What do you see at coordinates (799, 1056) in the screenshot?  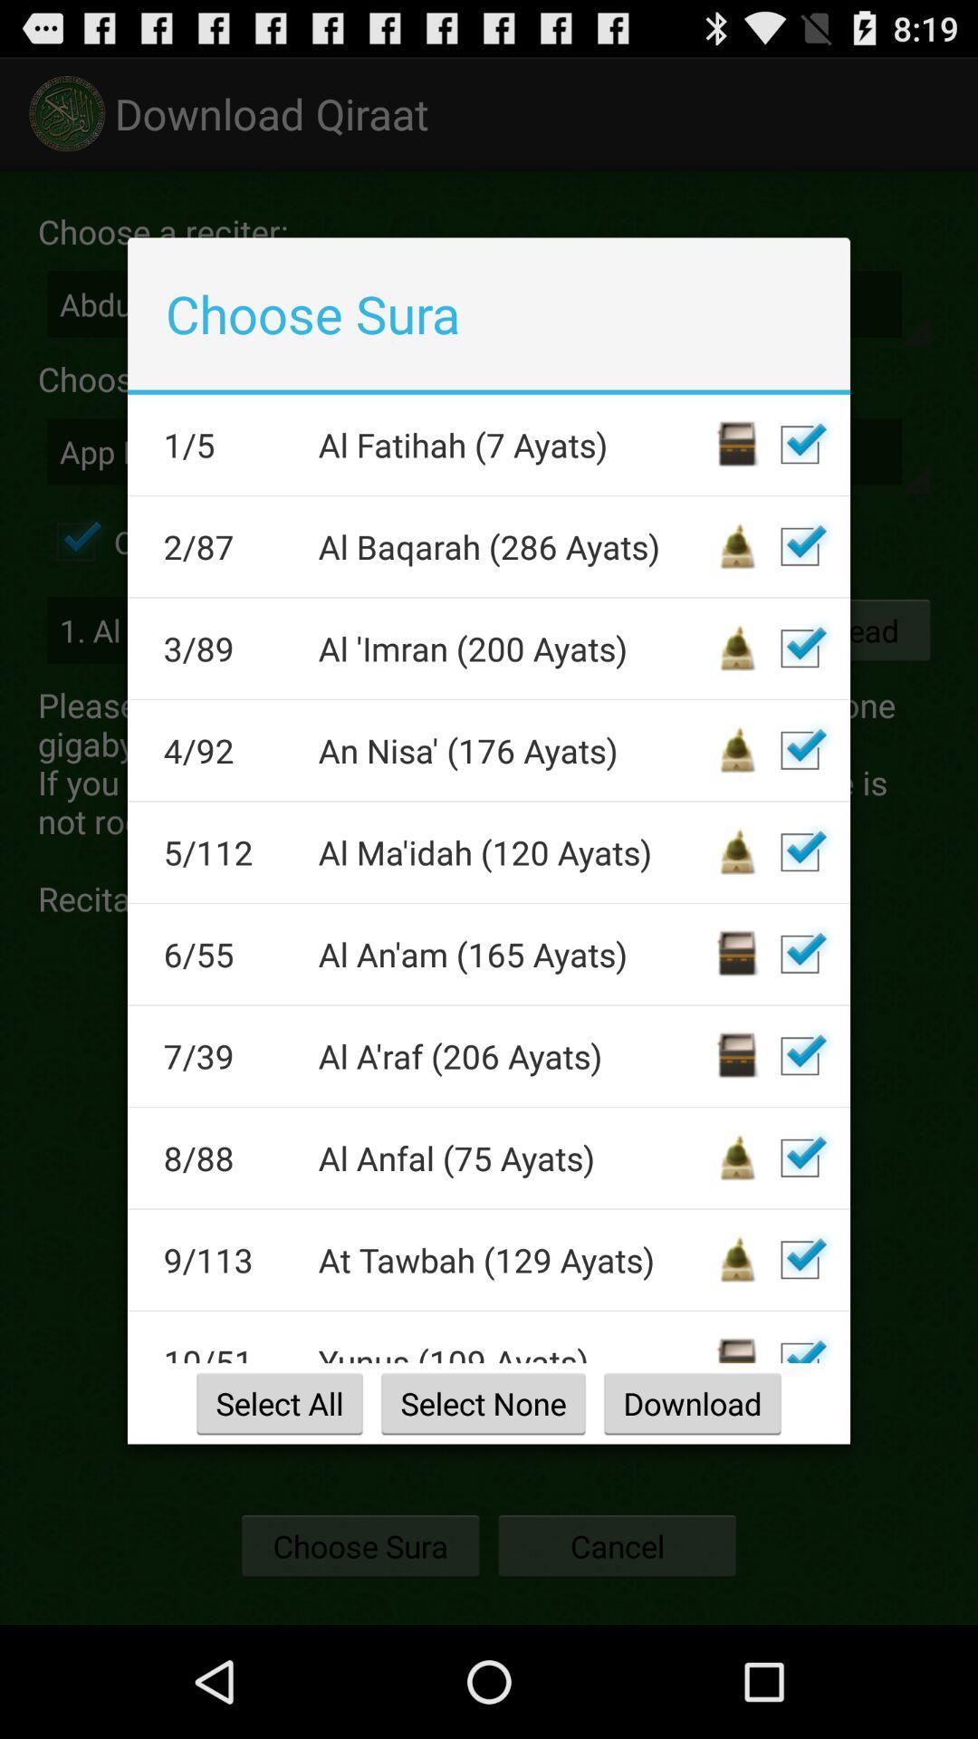 I see `add` at bounding box center [799, 1056].